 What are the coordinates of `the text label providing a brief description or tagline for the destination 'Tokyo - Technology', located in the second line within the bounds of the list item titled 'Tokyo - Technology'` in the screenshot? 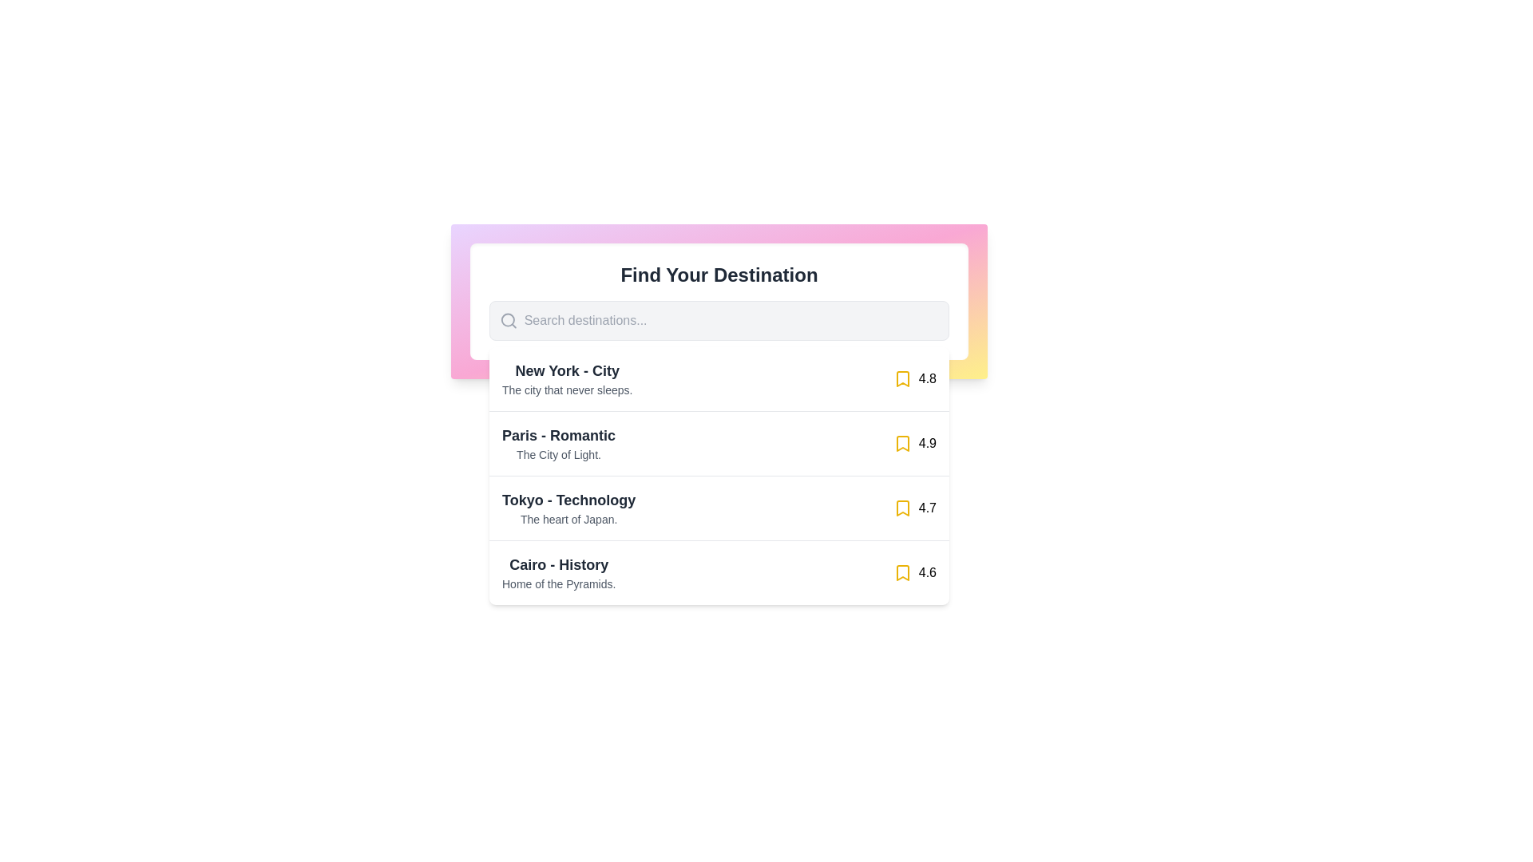 It's located at (568, 520).